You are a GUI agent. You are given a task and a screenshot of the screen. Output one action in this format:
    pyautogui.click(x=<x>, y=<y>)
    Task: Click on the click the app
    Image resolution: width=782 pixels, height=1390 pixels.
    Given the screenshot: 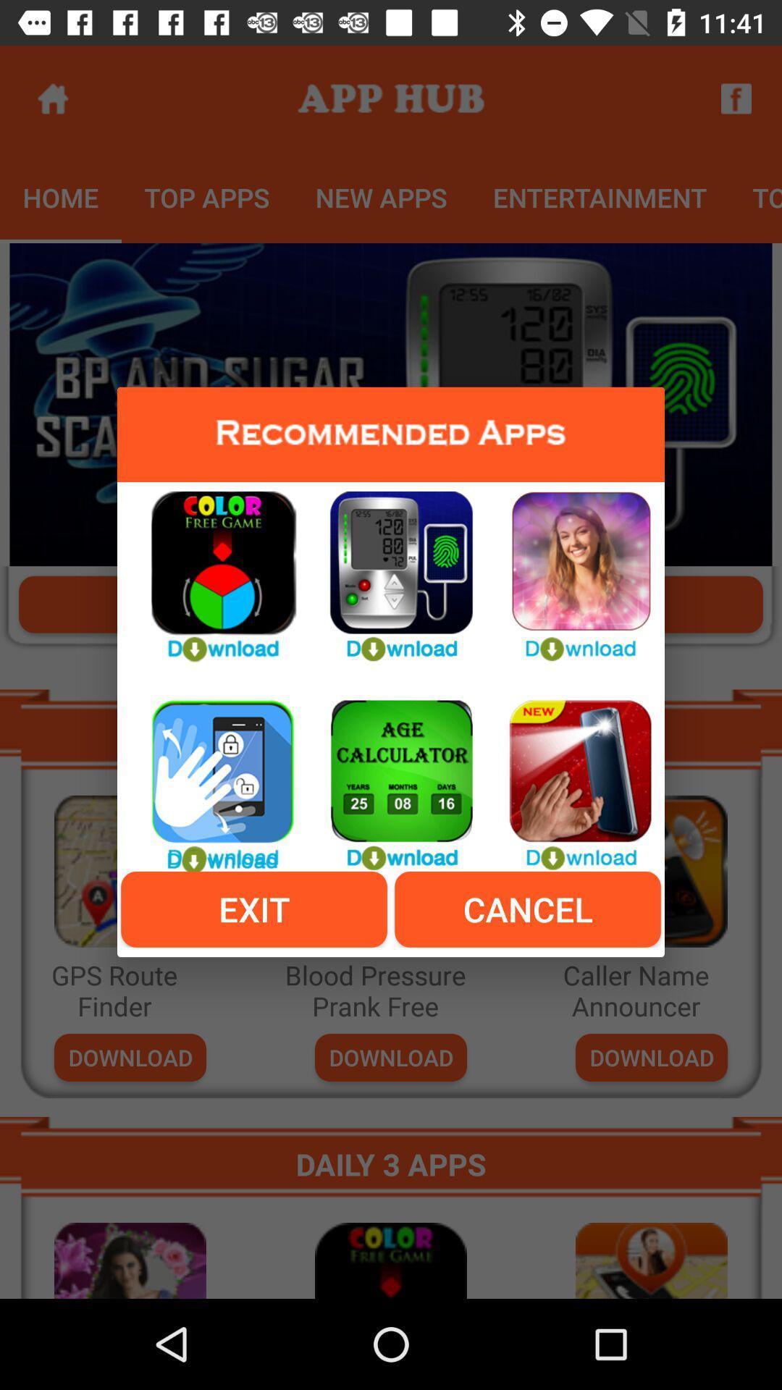 What is the action you would take?
    pyautogui.click(x=212, y=567)
    